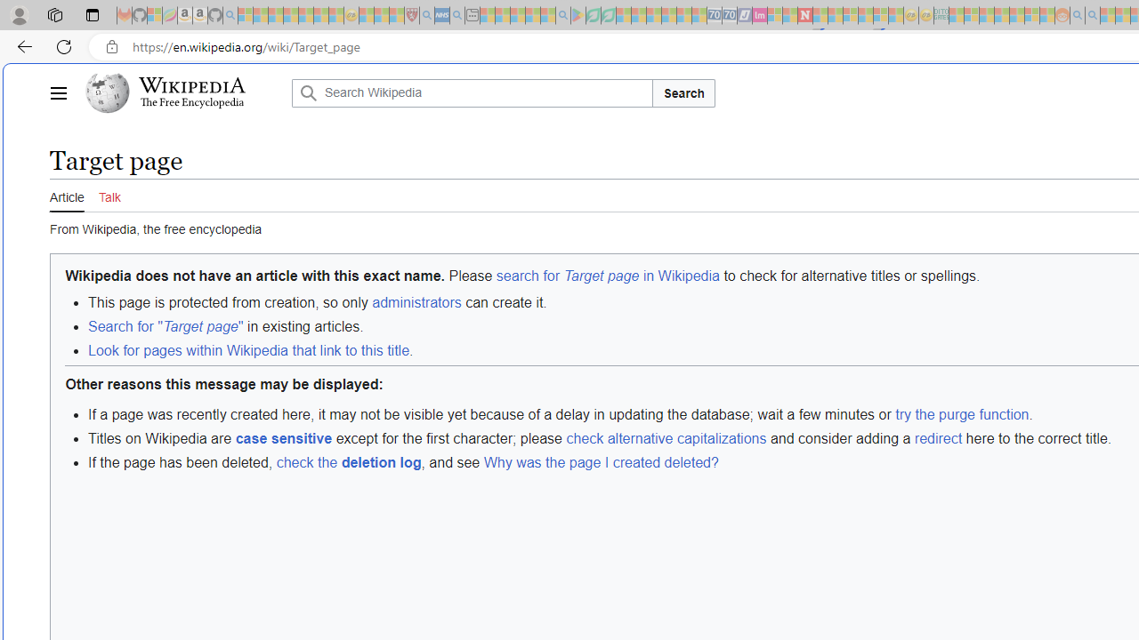 This screenshot has width=1139, height=640. Describe the element at coordinates (192, 103) in the screenshot. I see `'The Free Encyclopedia'` at that location.